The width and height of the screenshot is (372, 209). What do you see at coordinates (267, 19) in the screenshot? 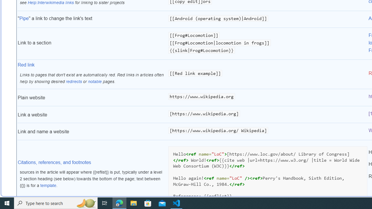
I see `'[[Android (operating system)|Android]]'` at bounding box center [267, 19].